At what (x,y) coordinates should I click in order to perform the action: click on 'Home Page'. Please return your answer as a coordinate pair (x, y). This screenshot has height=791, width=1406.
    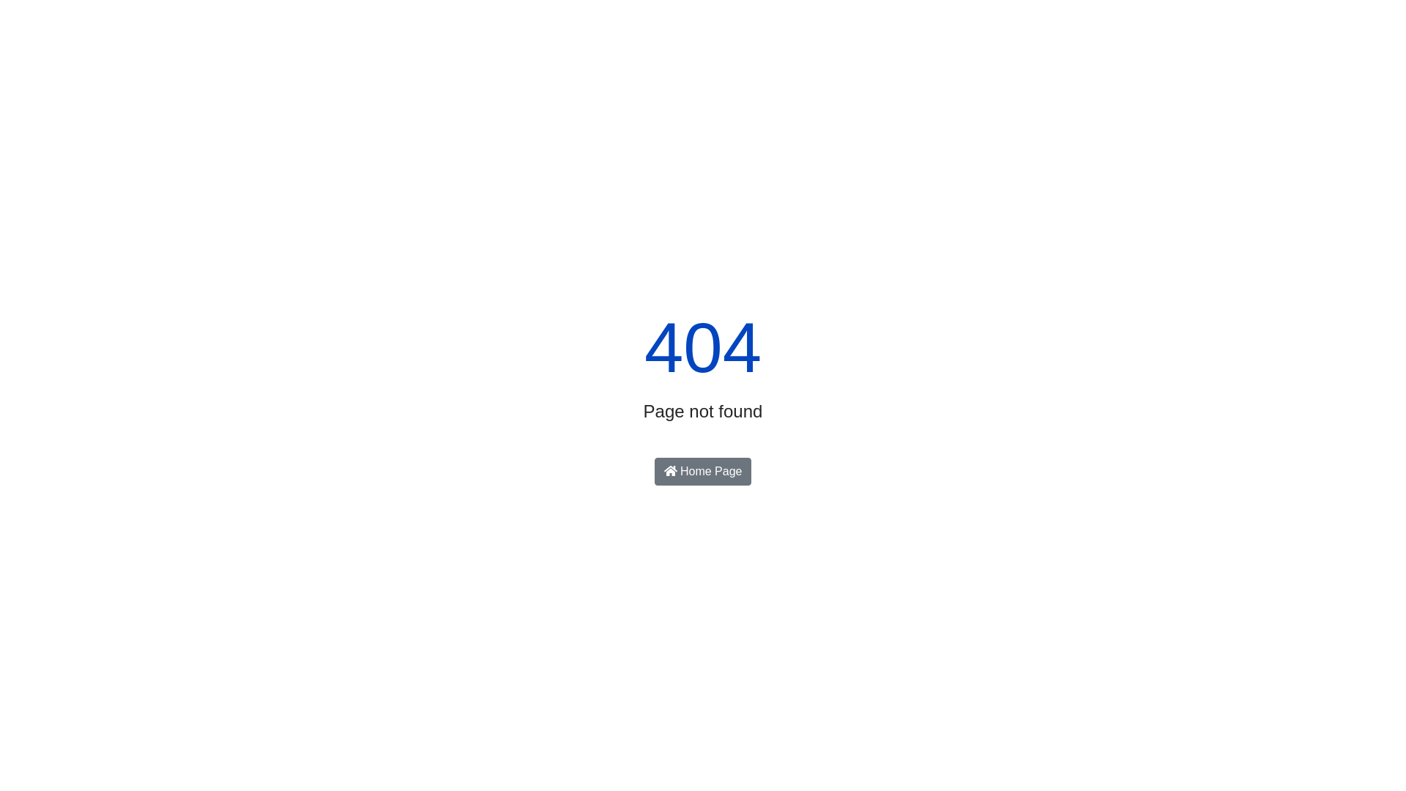
    Looking at the image, I should click on (703, 472).